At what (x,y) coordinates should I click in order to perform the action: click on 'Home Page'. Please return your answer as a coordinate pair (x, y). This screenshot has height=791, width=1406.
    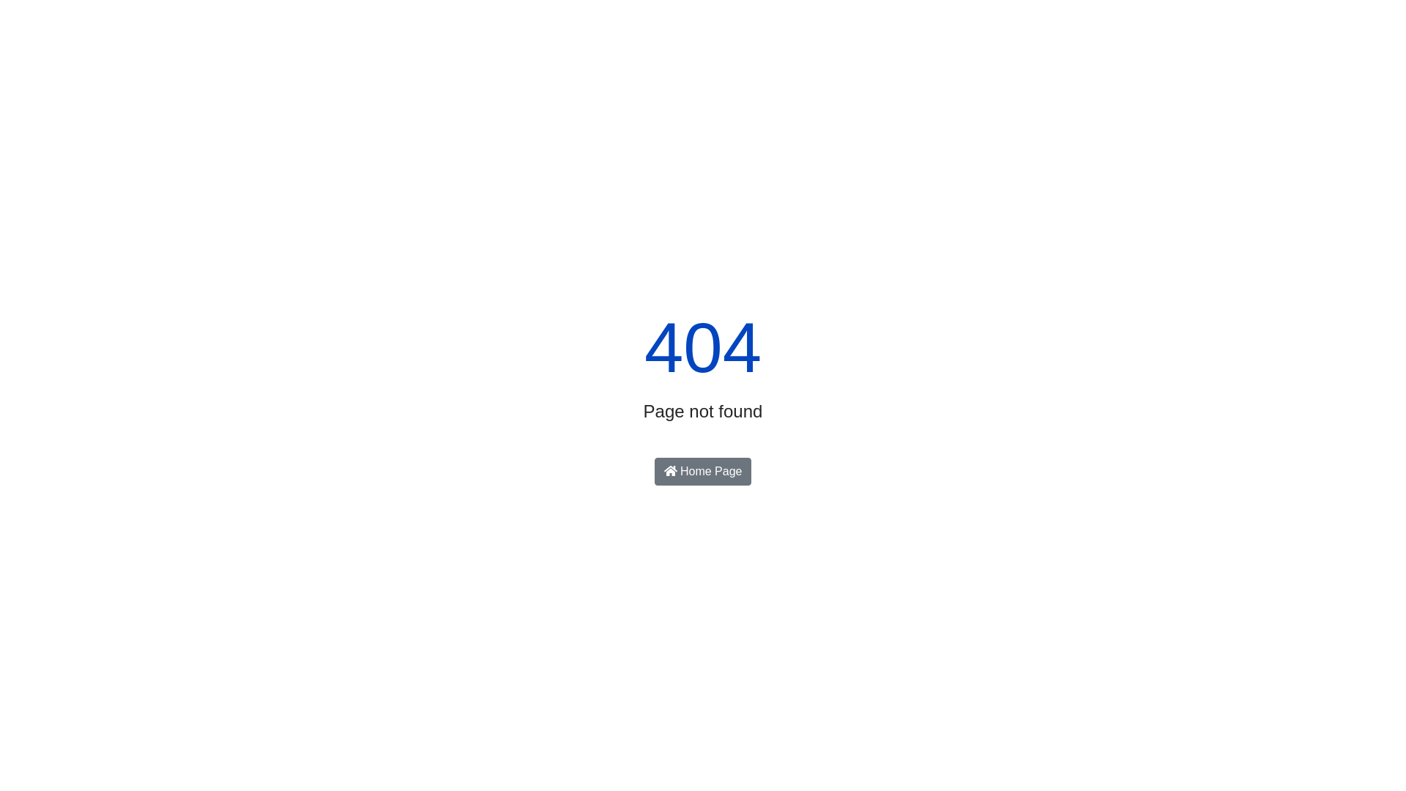
    Looking at the image, I should click on (703, 472).